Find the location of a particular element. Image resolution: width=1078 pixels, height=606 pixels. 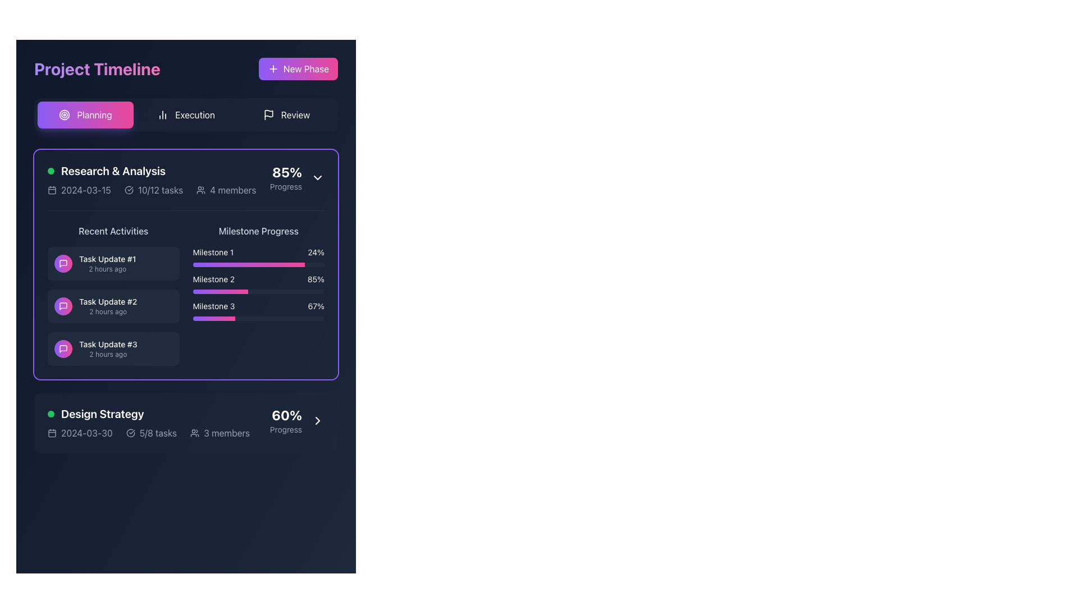

the 'Design Strategy' text label, which is styled in bold and large font is located at coordinates (102, 414).